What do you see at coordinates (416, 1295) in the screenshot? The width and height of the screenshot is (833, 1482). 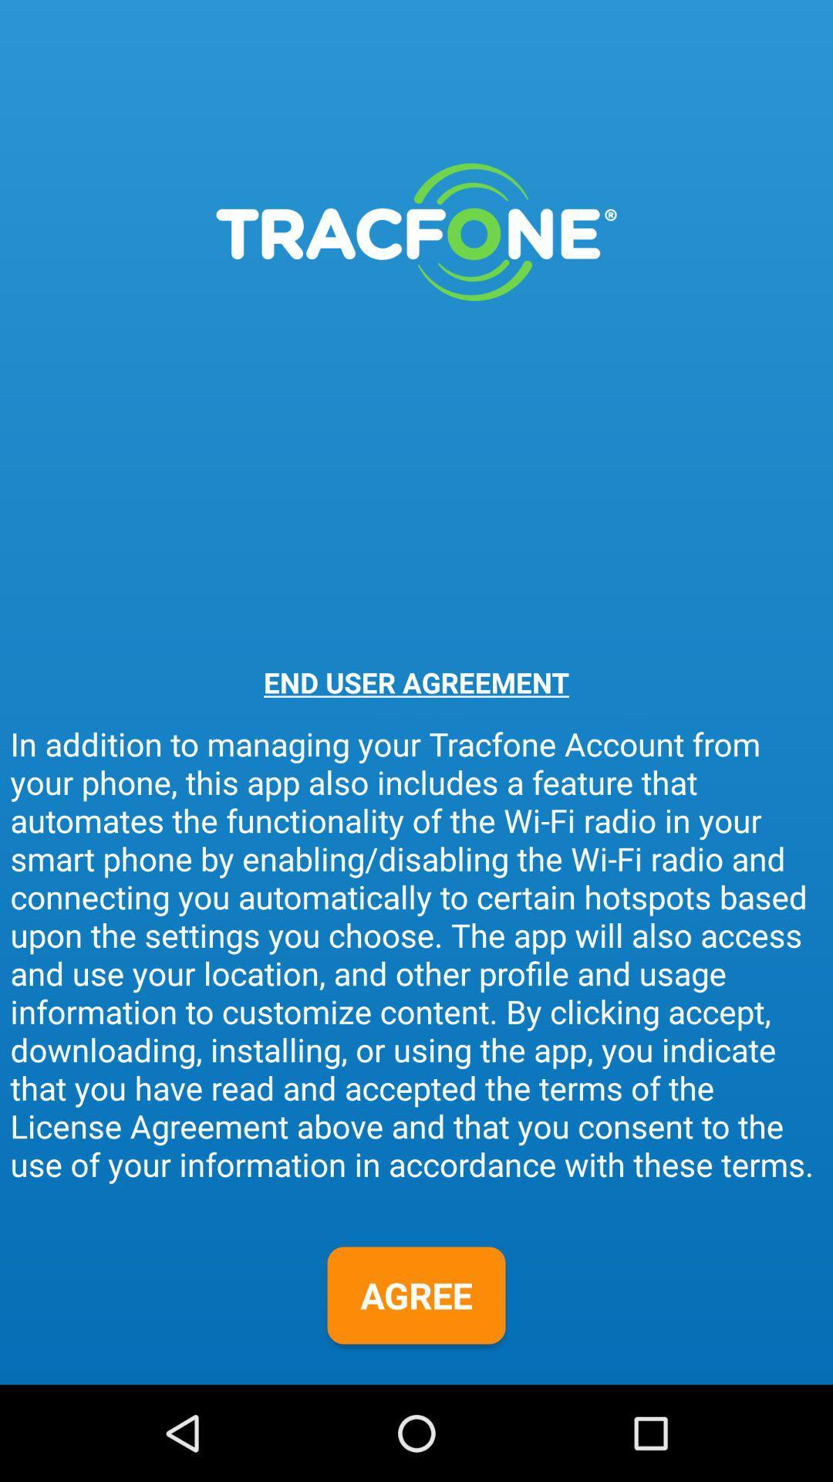 I see `agree item` at bounding box center [416, 1295].